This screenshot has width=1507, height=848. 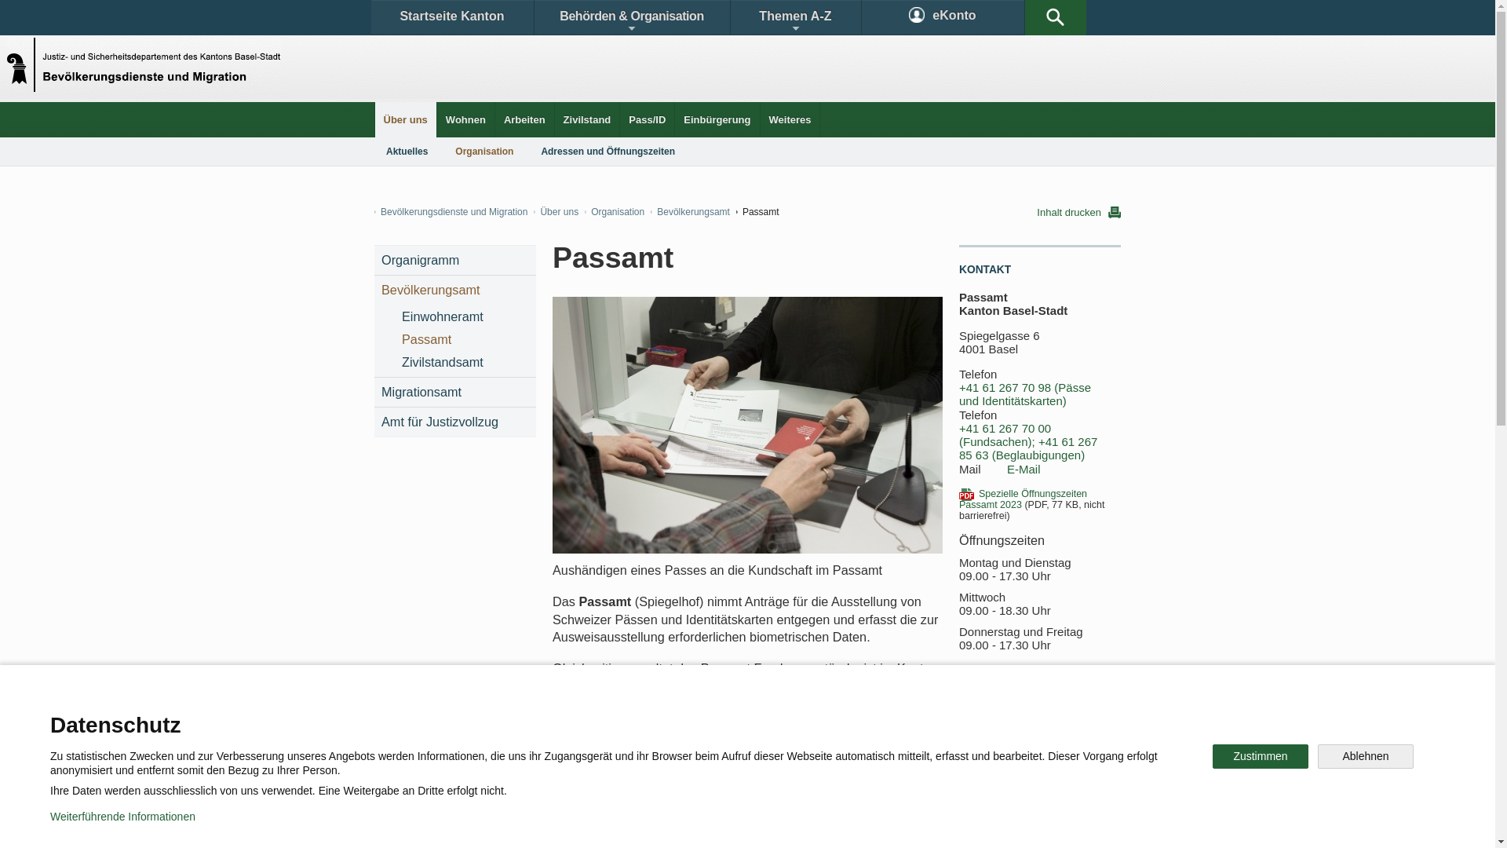 What do you see at coordinates (1024, 468) in the screenshot?
I see `'E-Mail'` at bounding box center [1024, 468].